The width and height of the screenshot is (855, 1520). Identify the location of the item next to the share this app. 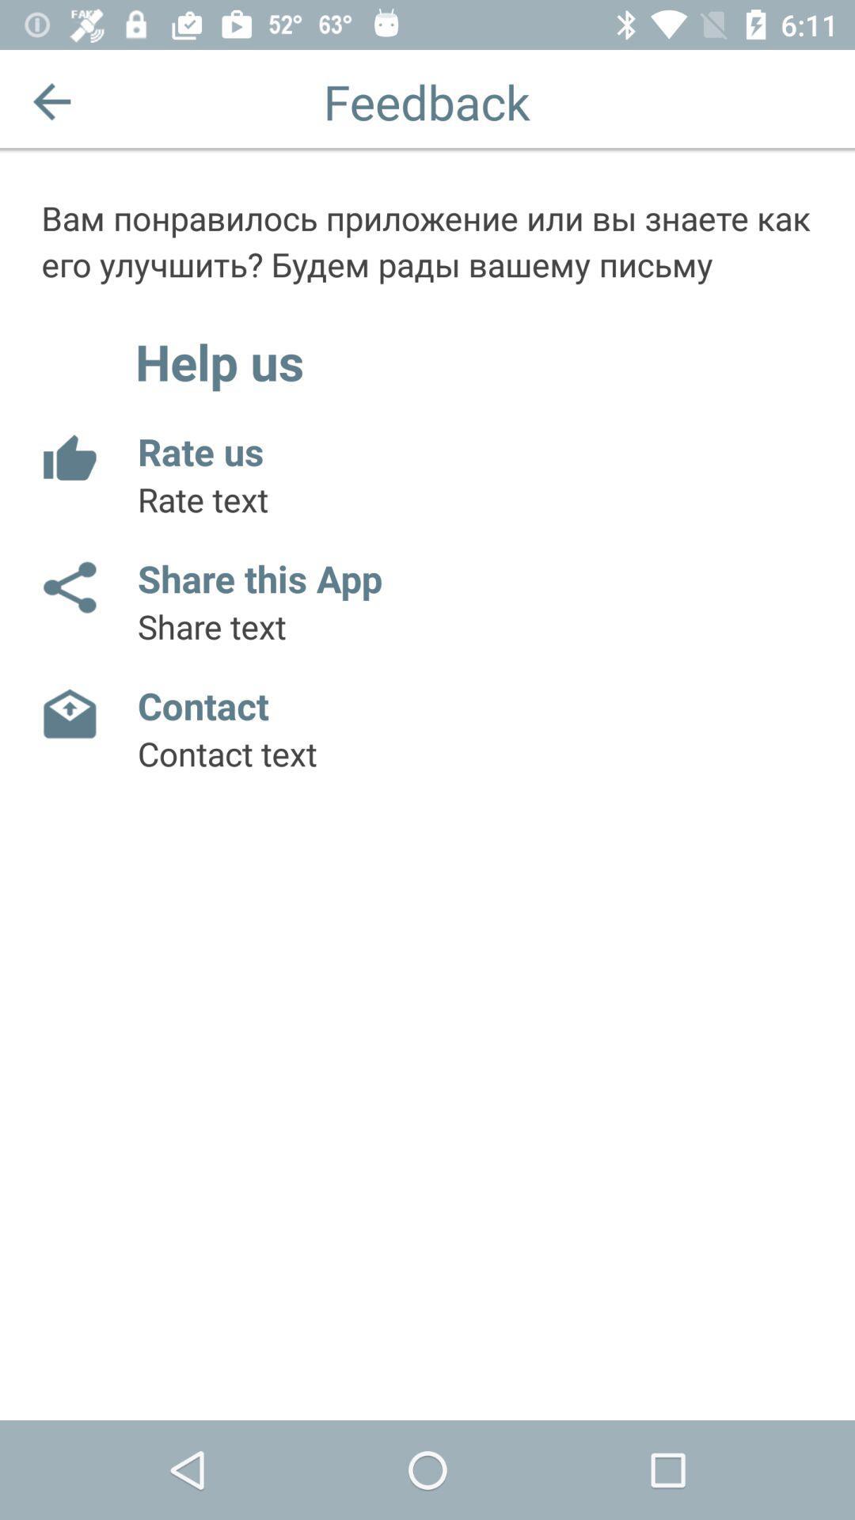
(68, 587).